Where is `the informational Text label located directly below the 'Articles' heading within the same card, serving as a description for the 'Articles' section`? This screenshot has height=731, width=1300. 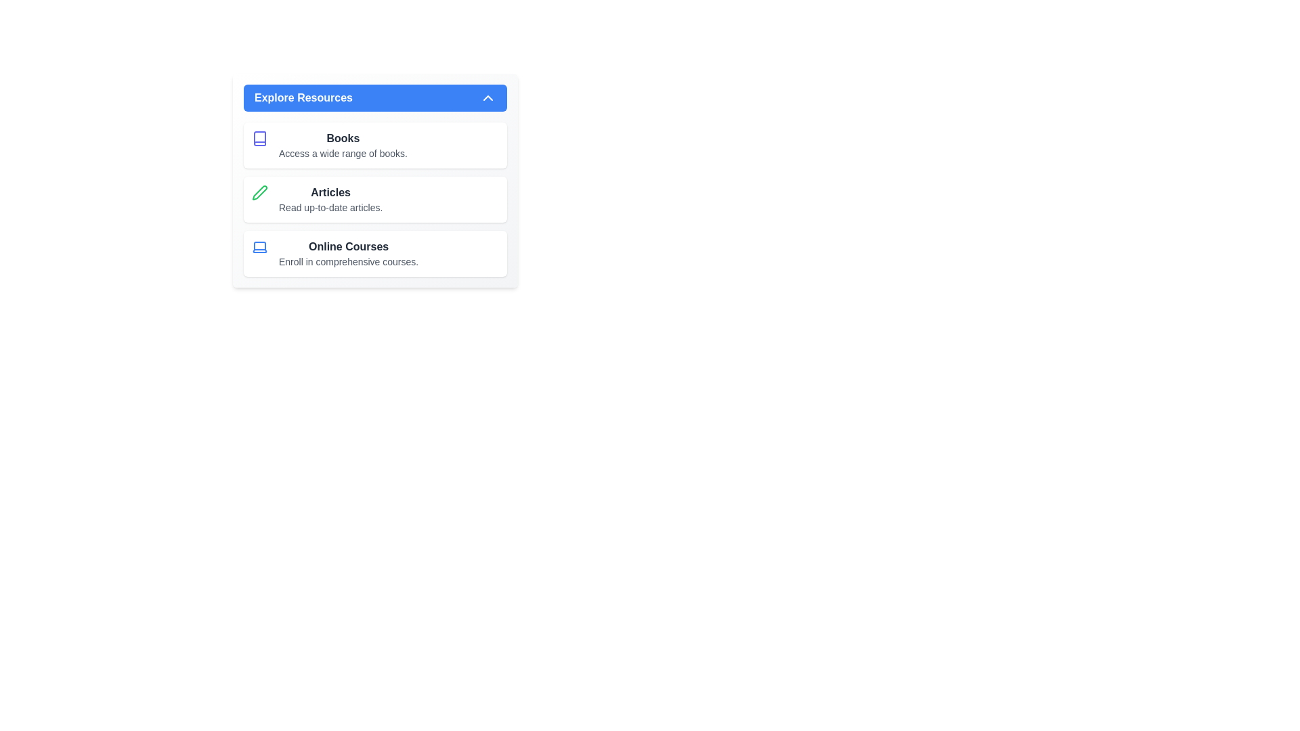
the informational Text label located directly below the 'Articles' heading within the same card, serving as a description for the 'Articles' section is located at coordinates (330, 208).